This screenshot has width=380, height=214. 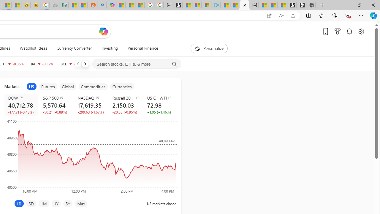 I want to click on 'DOW DJI decrease 40,712.78 -177.71 -0.43%', so click(x=21, y=104).